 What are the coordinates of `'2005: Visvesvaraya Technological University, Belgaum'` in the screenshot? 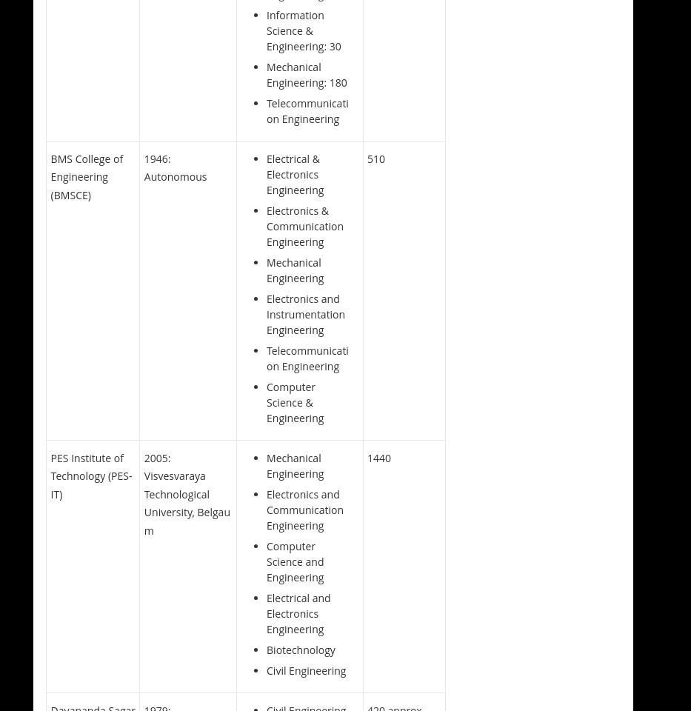 It's located at (186, 493).